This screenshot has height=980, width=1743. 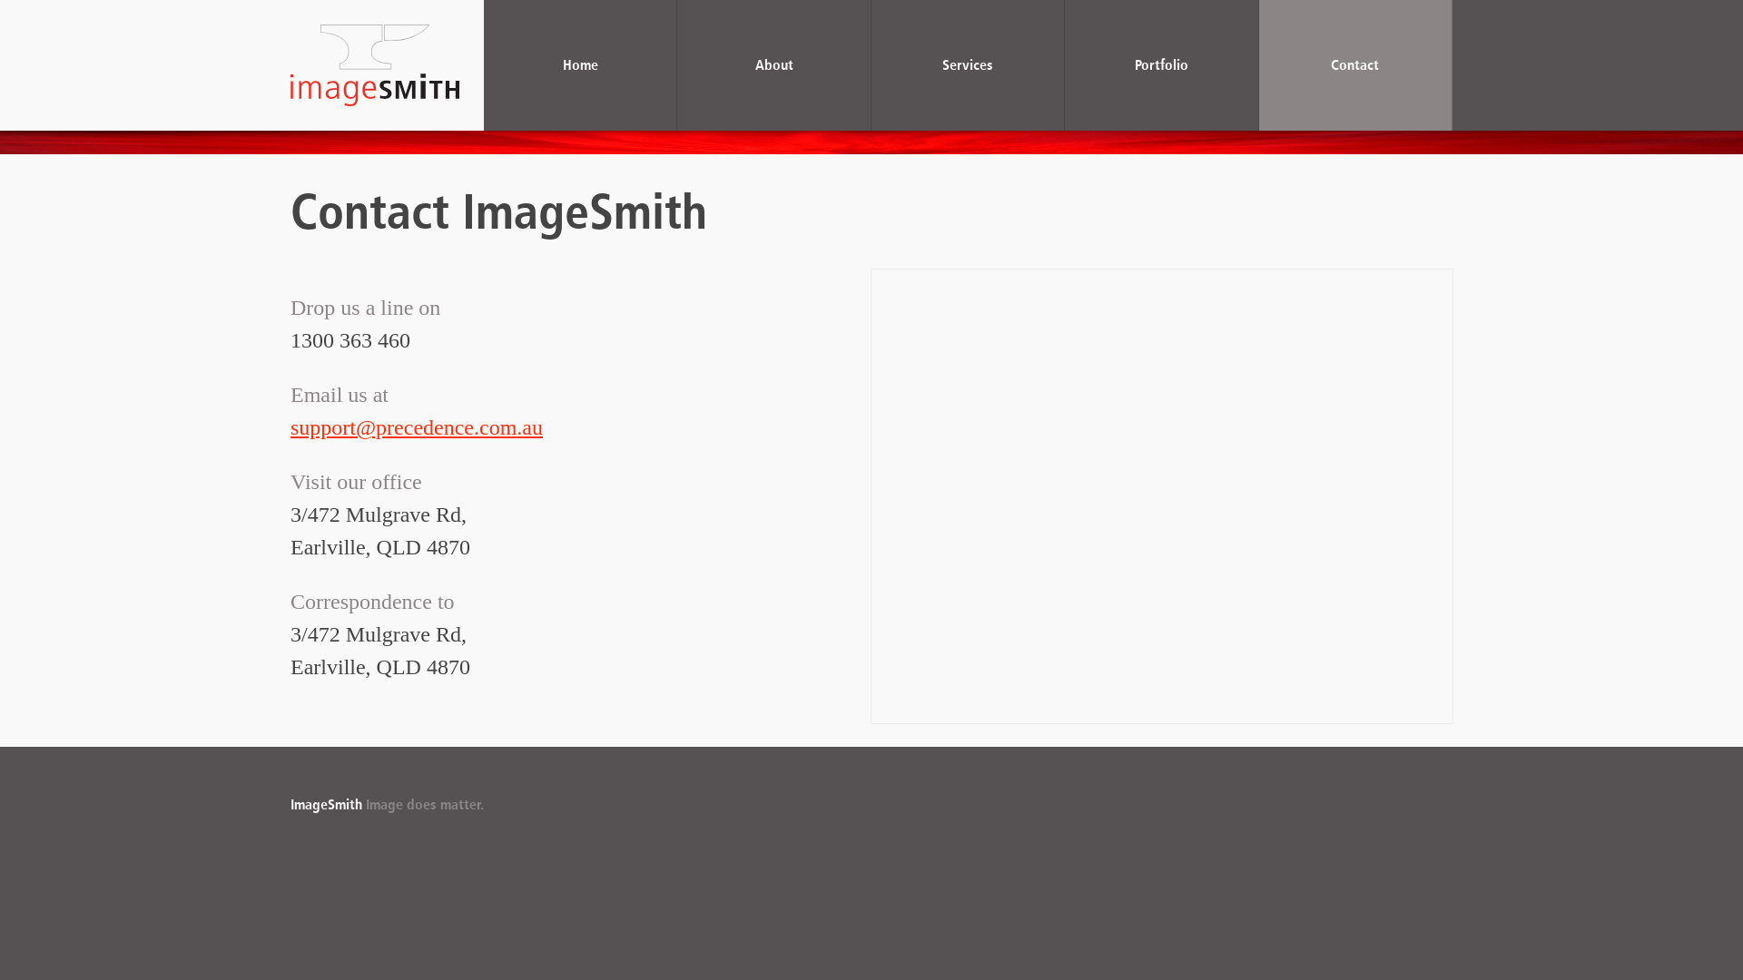 What do you see at coordinates (416, 426) in the screenshot?
I see `'support@precedence.com.au'` at bounding box center [416, 426].